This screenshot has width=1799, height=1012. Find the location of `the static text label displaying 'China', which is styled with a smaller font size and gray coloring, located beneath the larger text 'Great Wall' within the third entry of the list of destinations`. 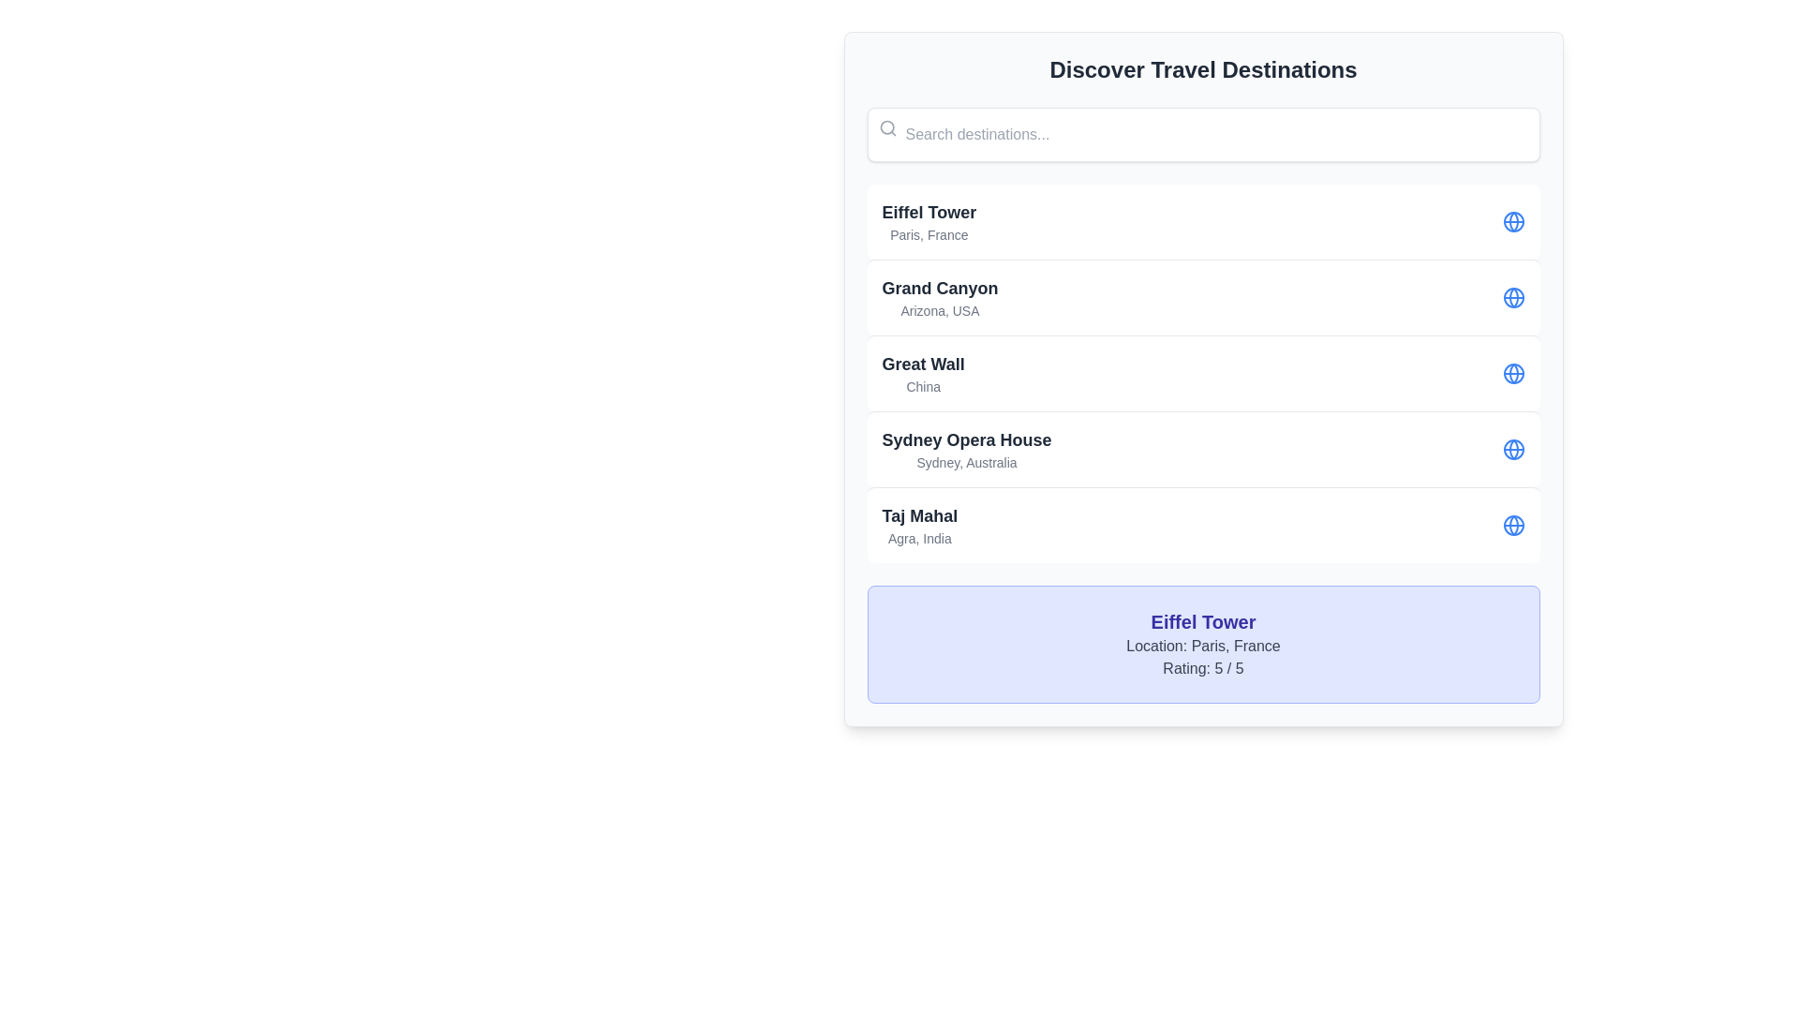

the static text label displaying 'China', which is styled with a smaller font size and gray coloring, located beneath the larger text 'Great Wall' within the third entry of the list of destinations is located at coordinates (923, 385).